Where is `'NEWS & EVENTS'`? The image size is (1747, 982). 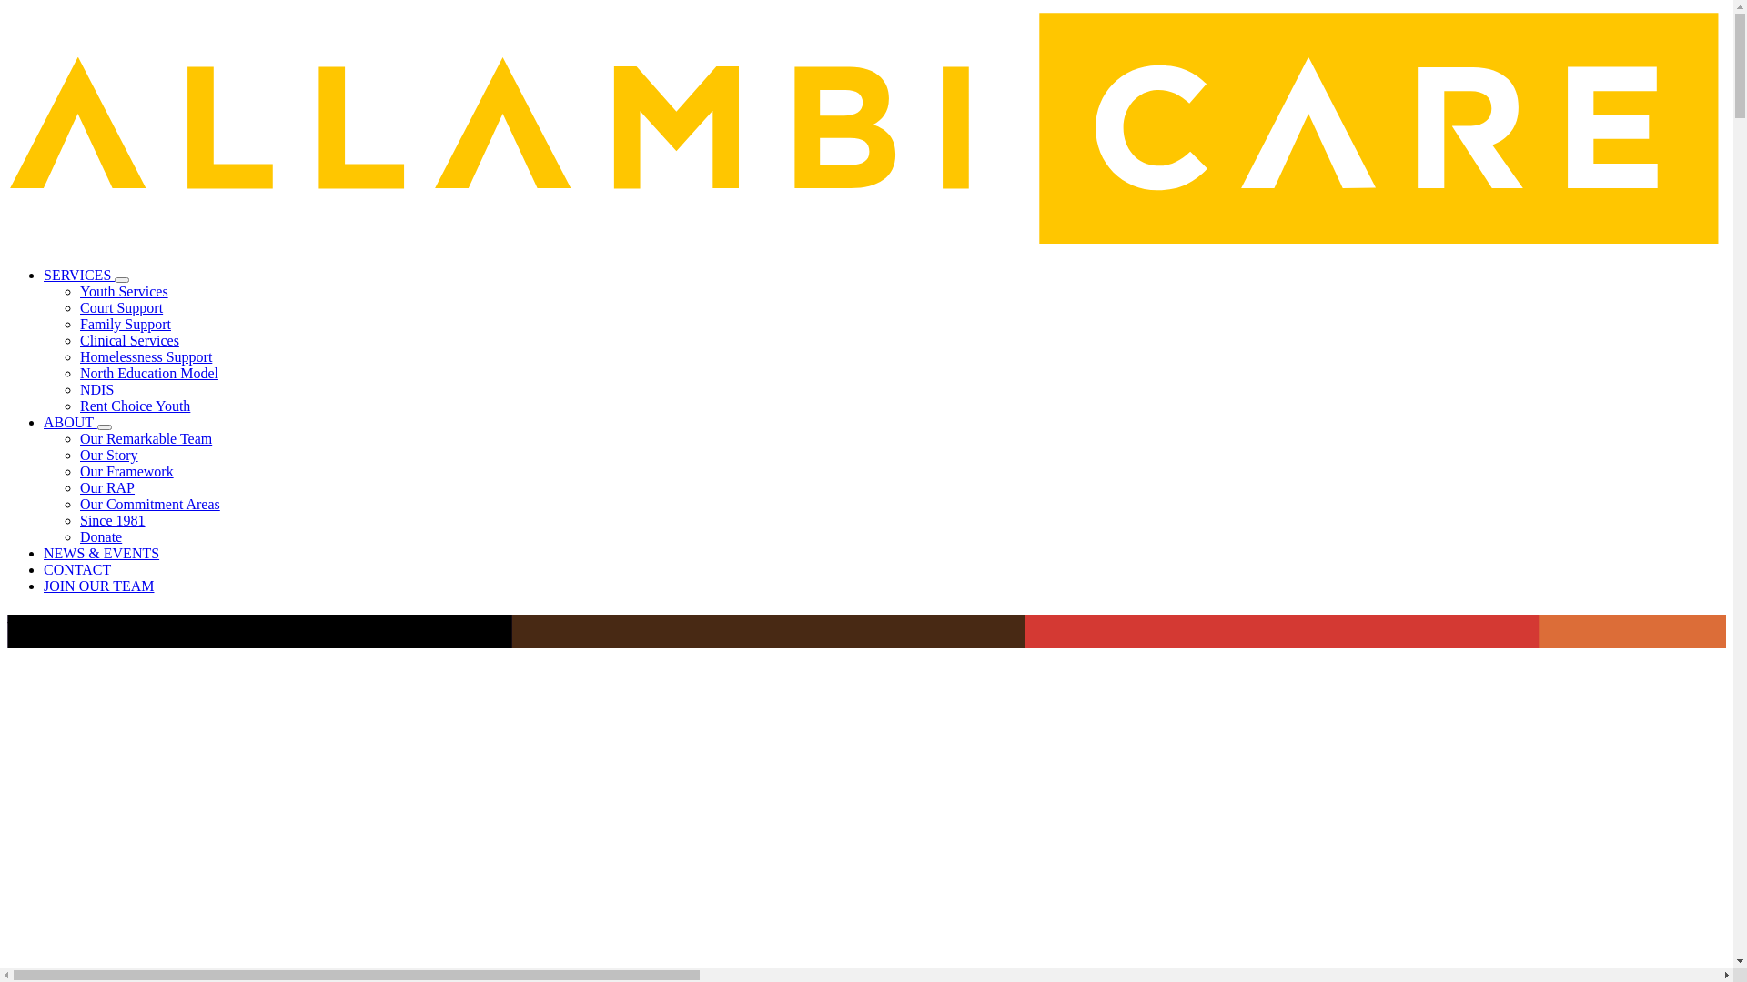 'NEWS & EVENTS' is located at coordinates (44, 552).